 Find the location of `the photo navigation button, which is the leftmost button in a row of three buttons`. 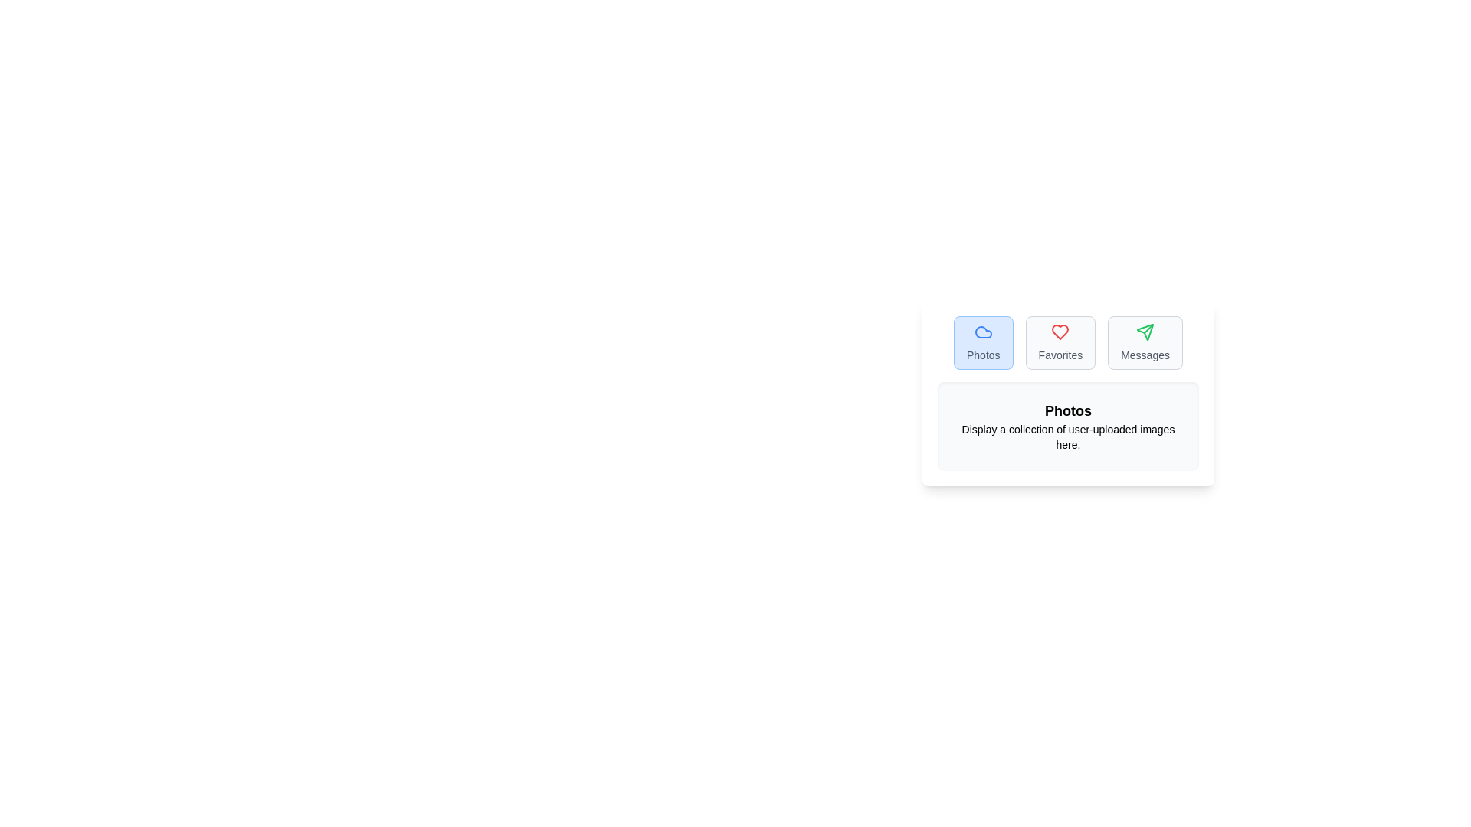

the photo navigation button, which is the leftmost button in a row of three buttons is located at coordinates (983, 342).